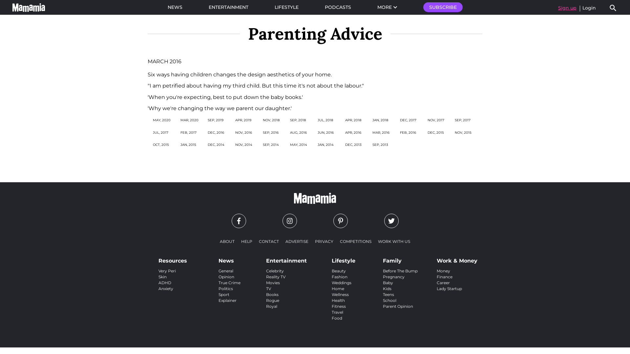  I want to click on 'Opinion', so click(226, 277).